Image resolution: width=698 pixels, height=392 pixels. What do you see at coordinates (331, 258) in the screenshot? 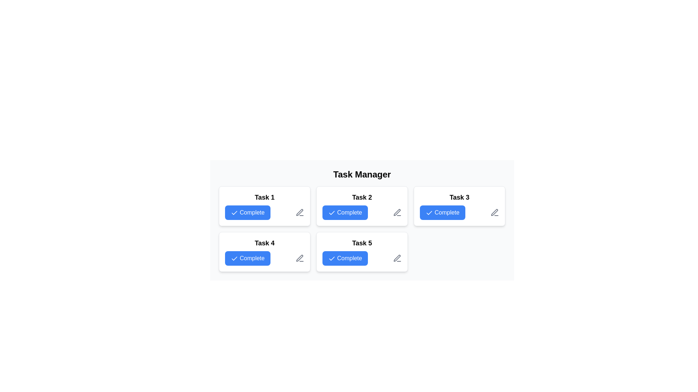
I see `the checkmark icon within the 'Complete' button for 'Task 5' located in the second row, middle column under the 'Task Manager' header` at bounding box center [331, 258].